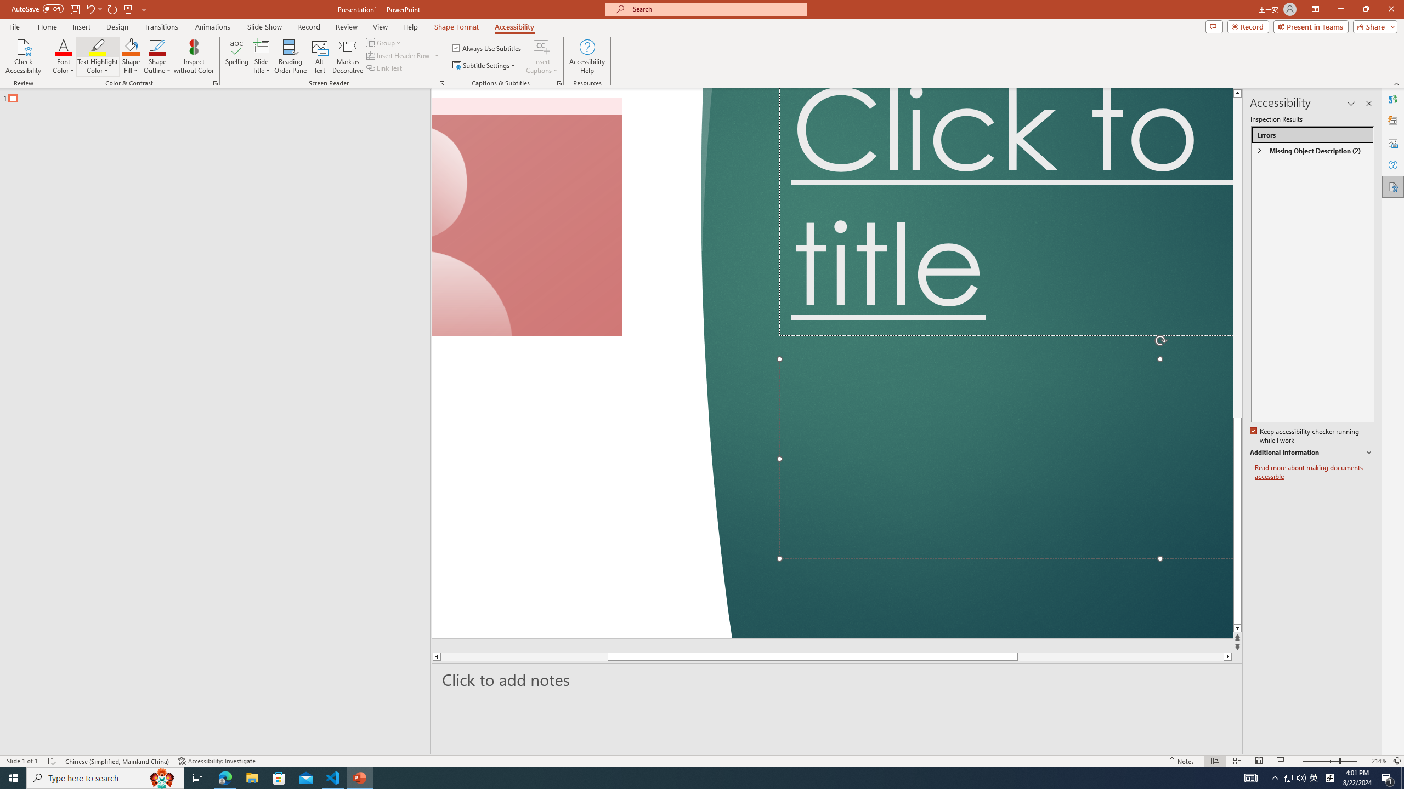  What do you see at coordinates (527, 216) in the screenshot?
I see `'Camera 7, No camera detected.'` at bounding box center [527, 216].